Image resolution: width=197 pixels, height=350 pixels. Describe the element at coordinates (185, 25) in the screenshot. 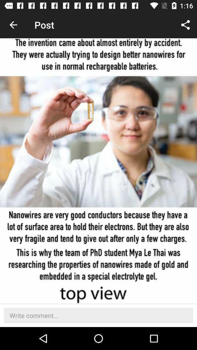

I see `icon next to post icon` at that location.